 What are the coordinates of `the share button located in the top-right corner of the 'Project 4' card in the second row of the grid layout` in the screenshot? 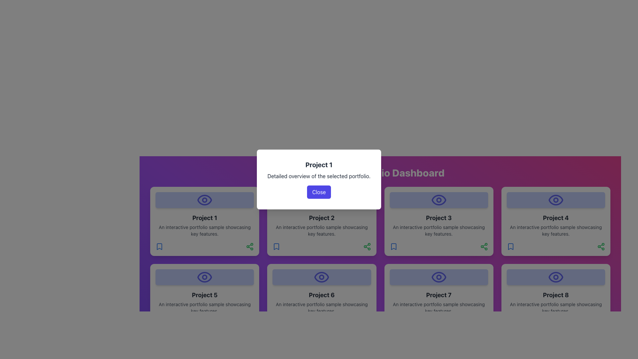 It's located at (484, 246).